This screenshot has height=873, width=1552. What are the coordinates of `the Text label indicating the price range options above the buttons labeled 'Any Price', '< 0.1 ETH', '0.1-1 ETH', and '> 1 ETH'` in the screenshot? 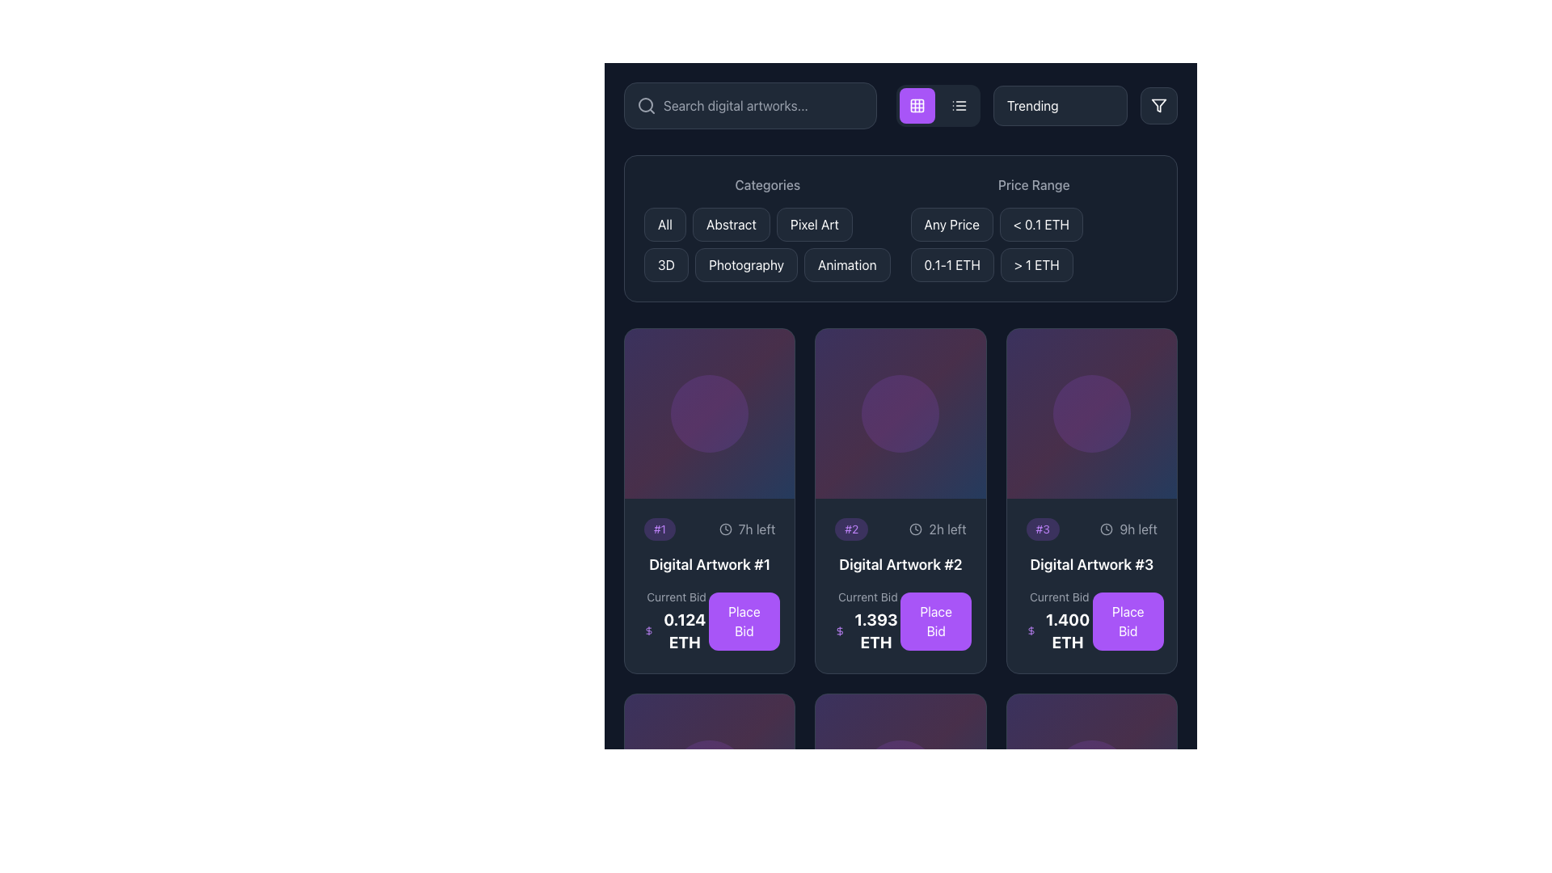 It's located at (1033, 183).